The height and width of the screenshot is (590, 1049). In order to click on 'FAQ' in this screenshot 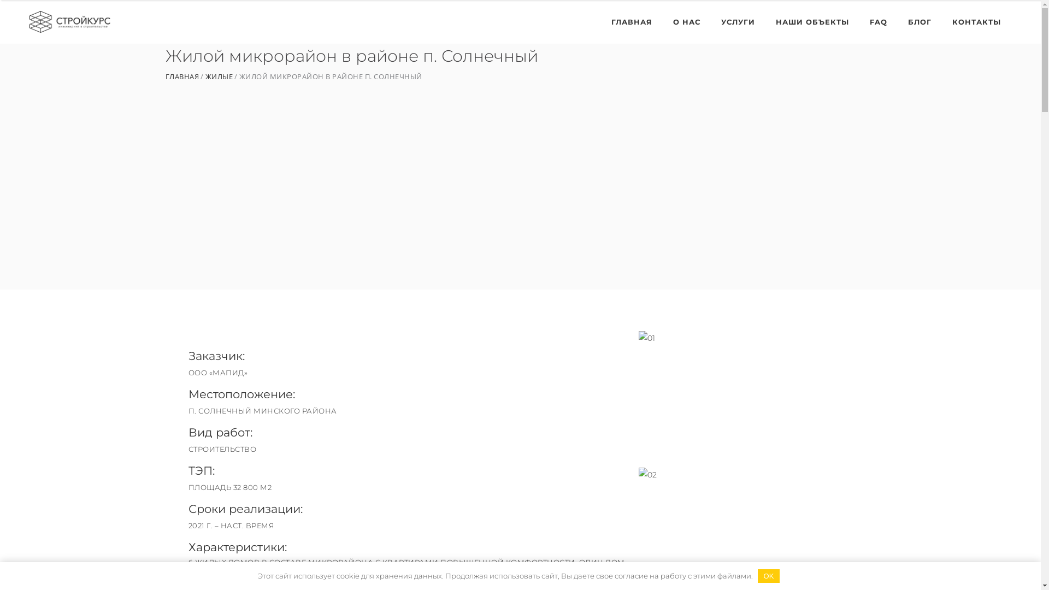, I will do `click(879, 21)`.